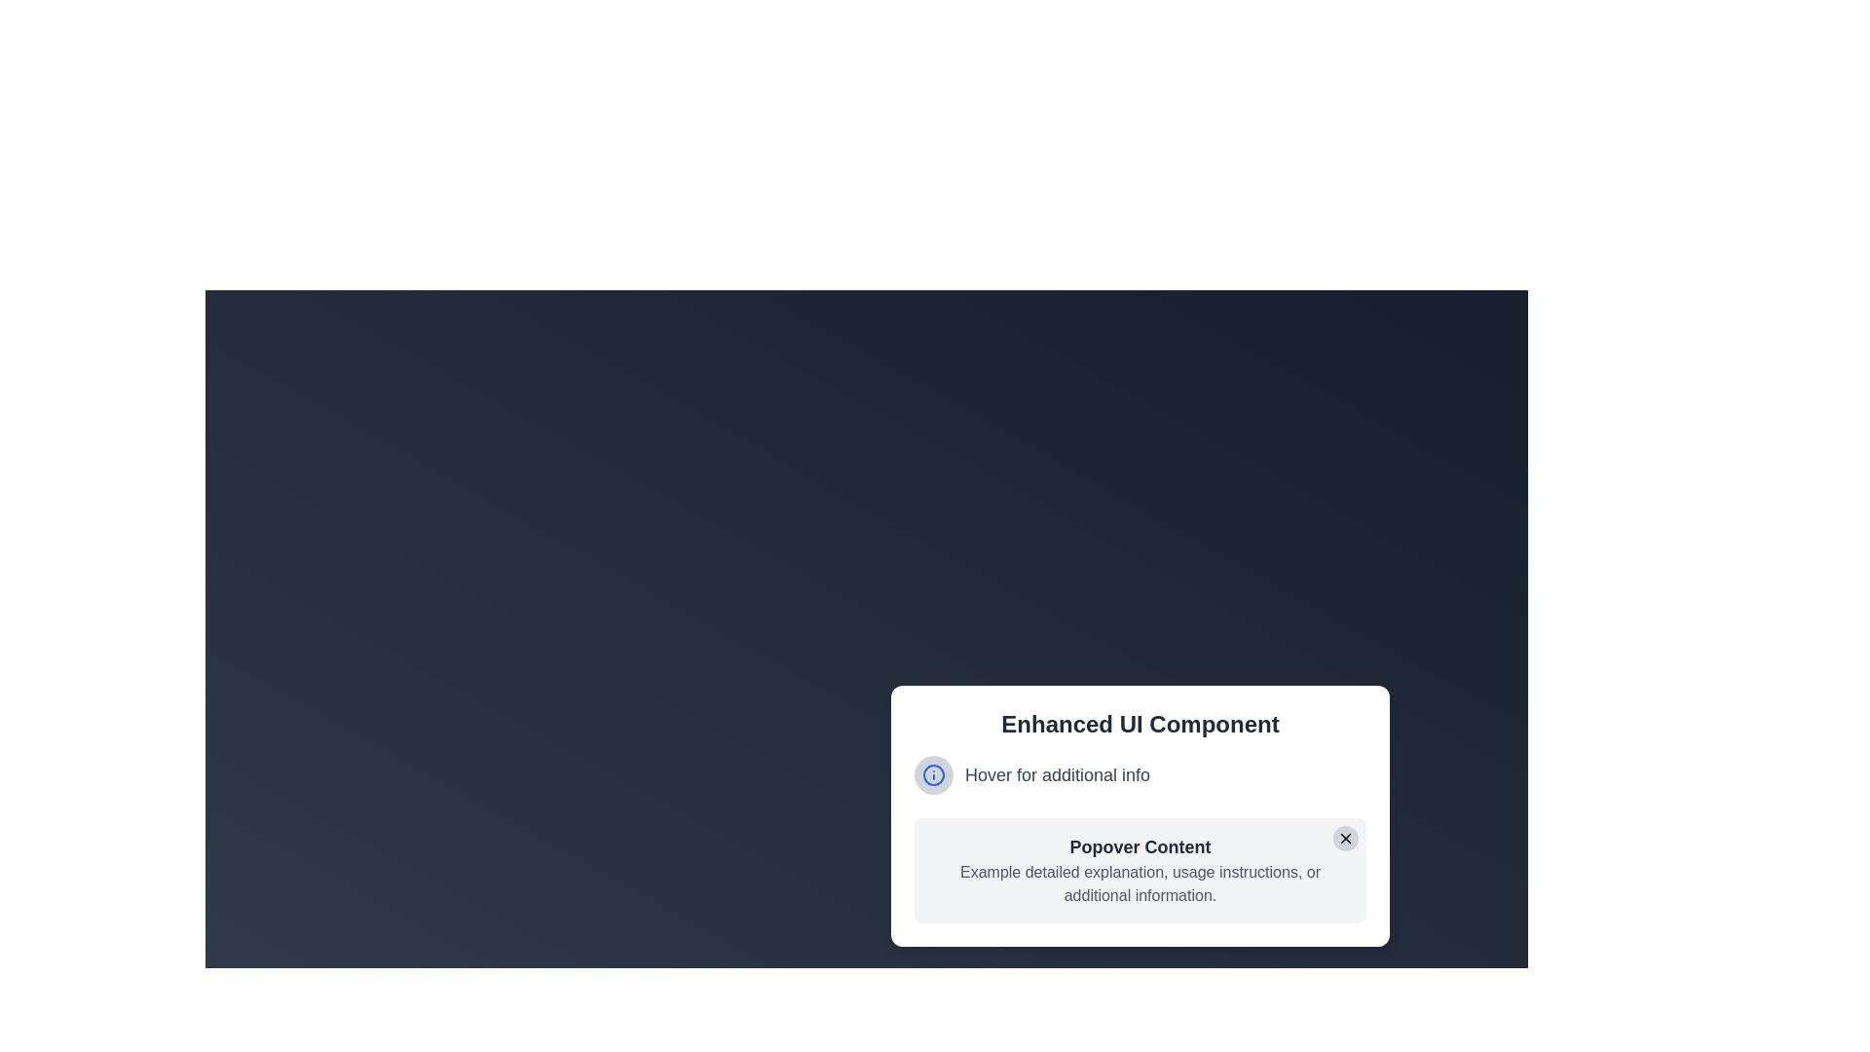 The image size is (1870, 1052). I want to click on the circular information icon with a gray background and blue outline, so click(933, 773).